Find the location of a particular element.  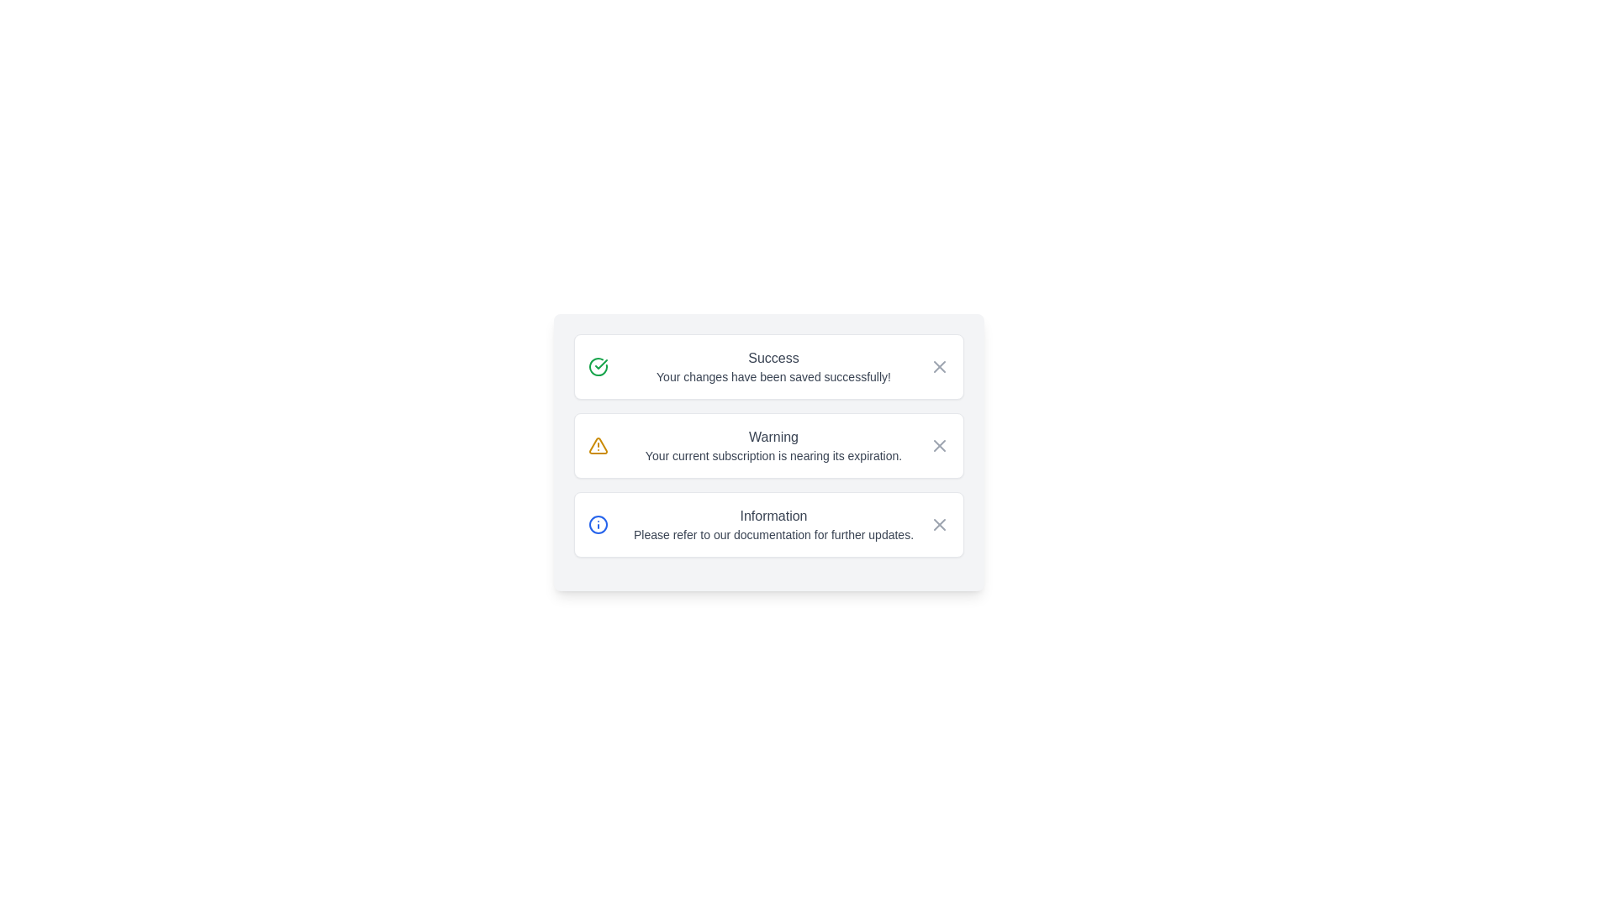

text label displaying 'Information' within the third notification box, positioned below the 'Warning' box is located at coordinates (773, 515).